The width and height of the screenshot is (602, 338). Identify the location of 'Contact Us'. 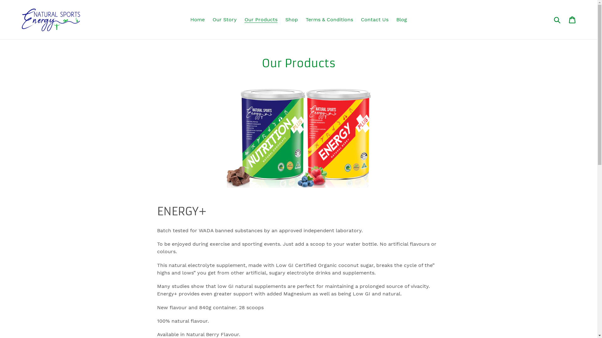
(375, 19).